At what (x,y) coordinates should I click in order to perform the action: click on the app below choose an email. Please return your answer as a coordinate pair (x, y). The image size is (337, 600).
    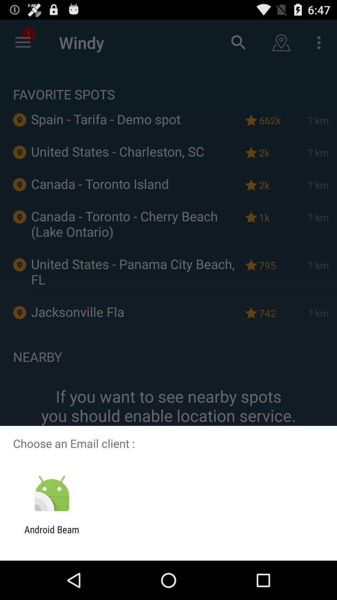
    Looking at the image, I should click on (51, 493).